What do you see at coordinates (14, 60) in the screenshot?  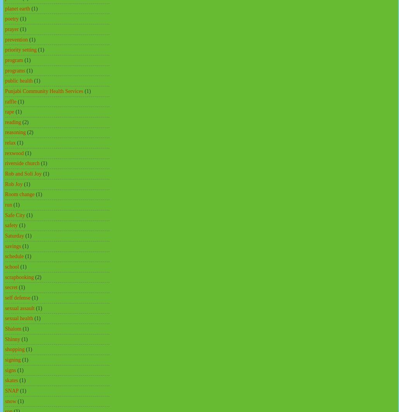 I see `'program'` at bounding box center [14, 60].